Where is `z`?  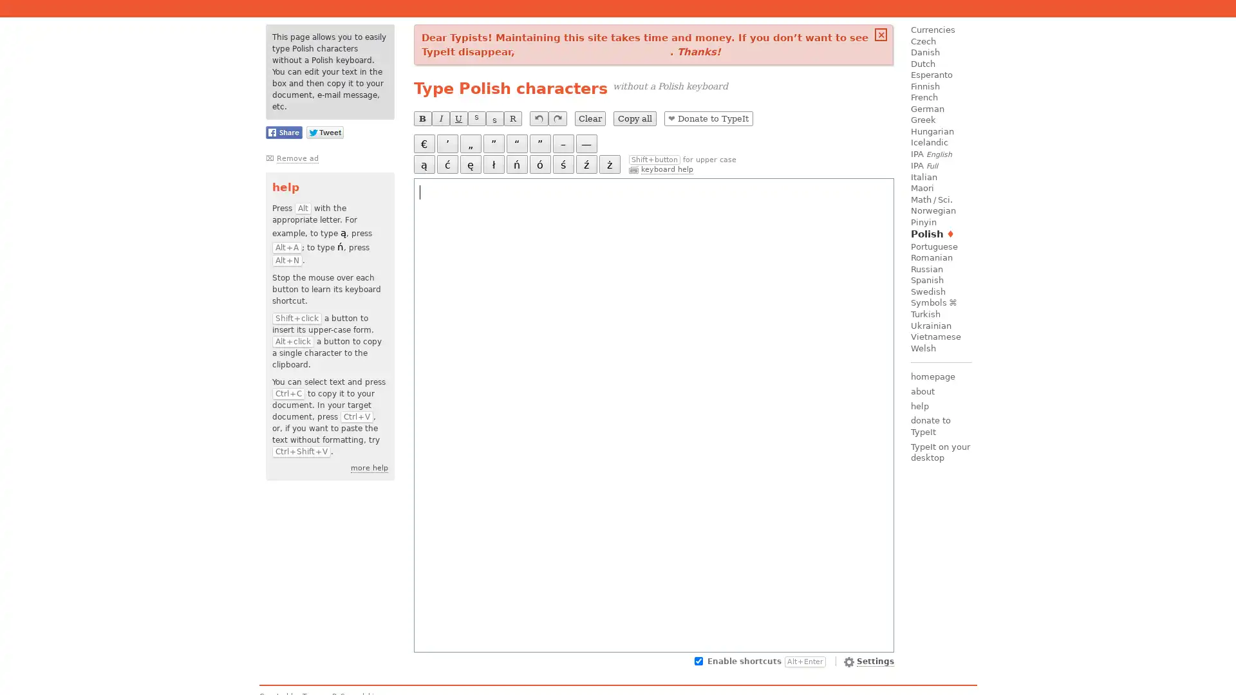 z is located at coordinates (608, 163).